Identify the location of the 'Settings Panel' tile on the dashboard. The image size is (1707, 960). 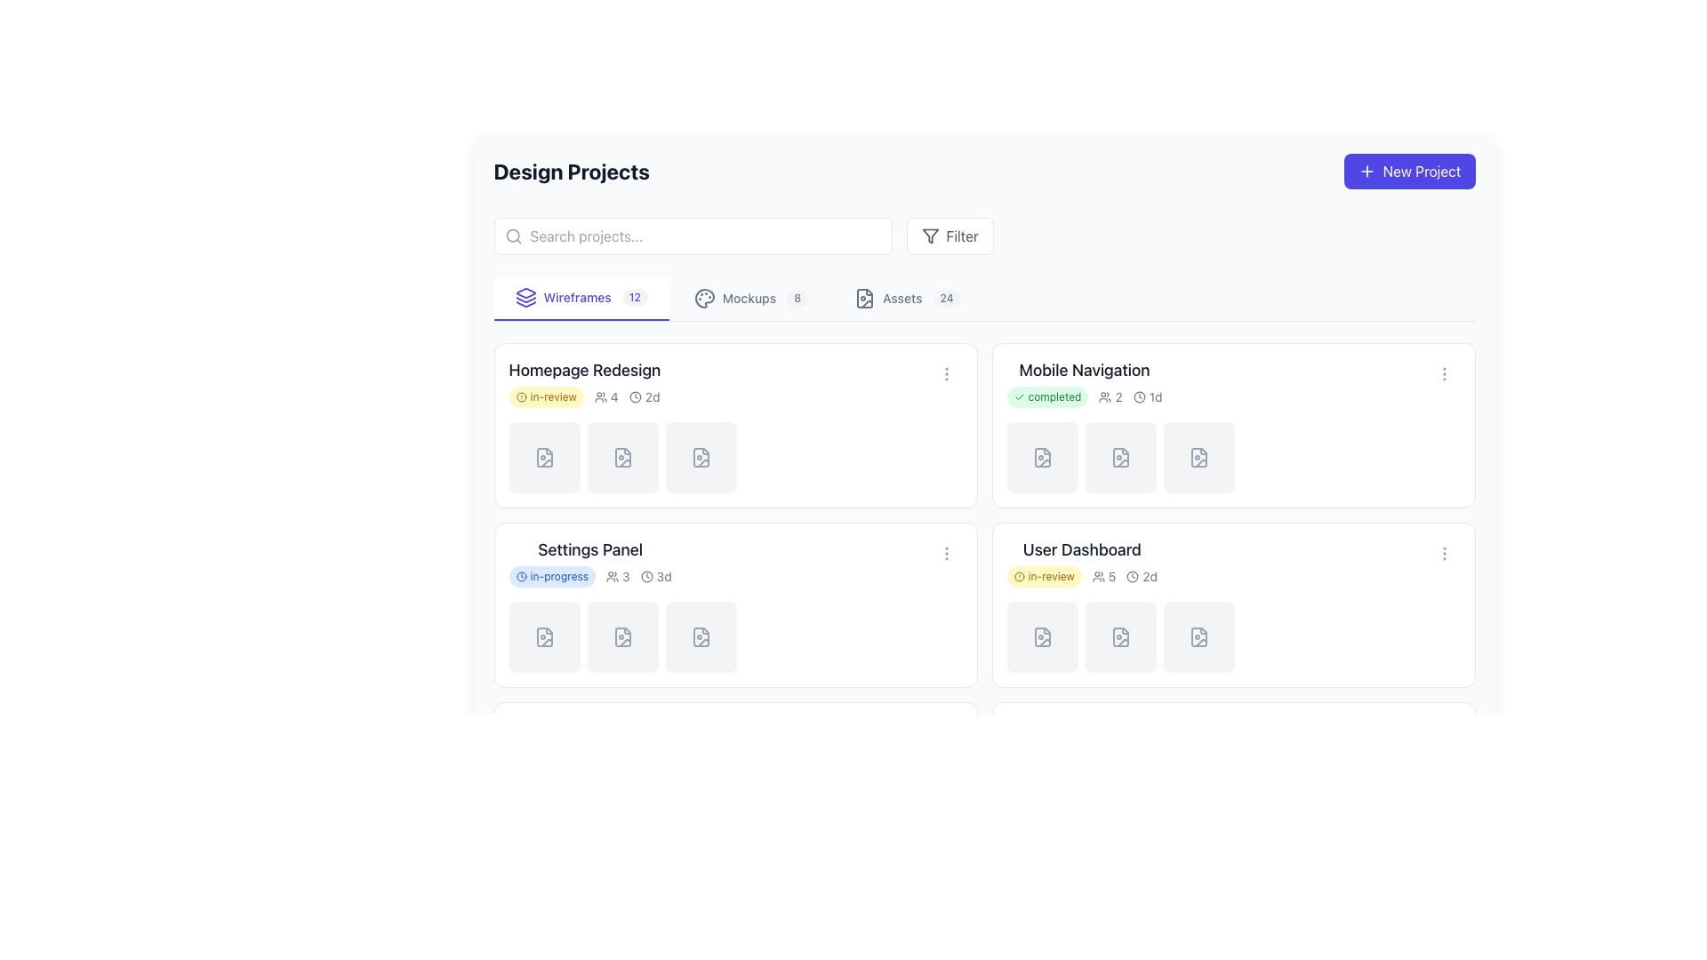
(735, 604).